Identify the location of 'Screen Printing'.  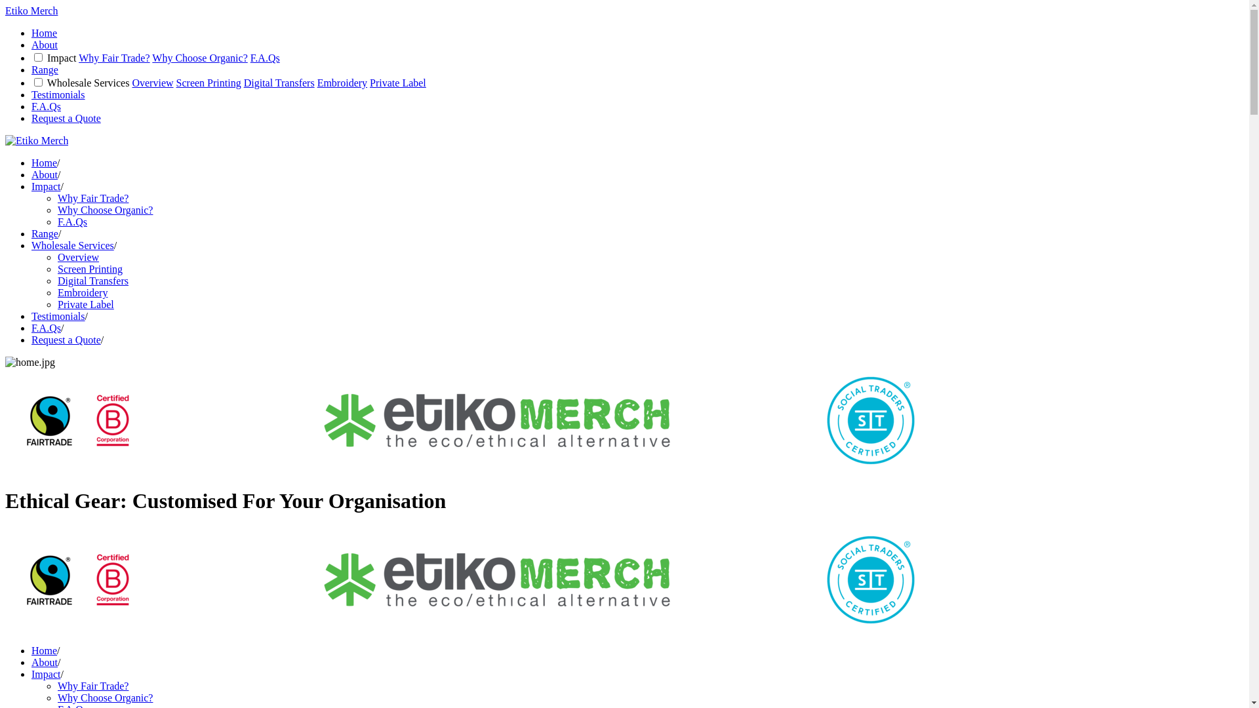
(89, 268).